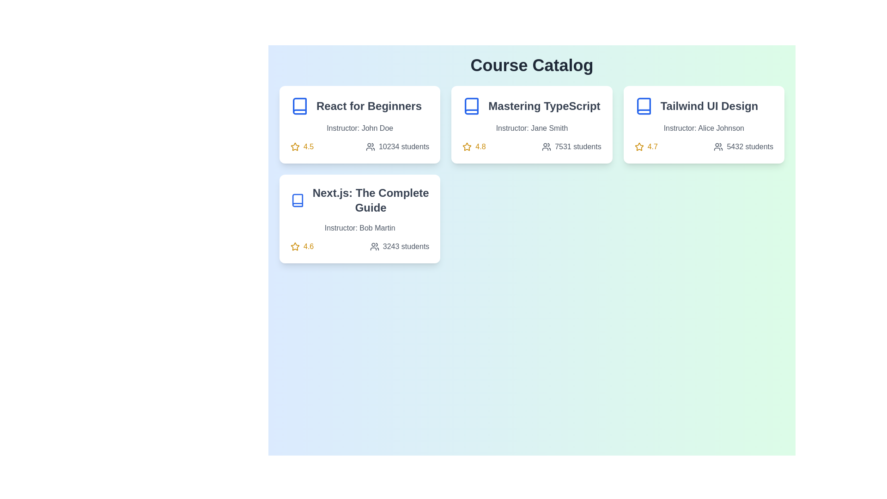 This screenshot has height=499, width=887. I want to click on the text with the accompanying icon that provides information about the number of enrolled students in the bottom section of the third course card in the 'Course Catalog' layout, so click(400, 246).